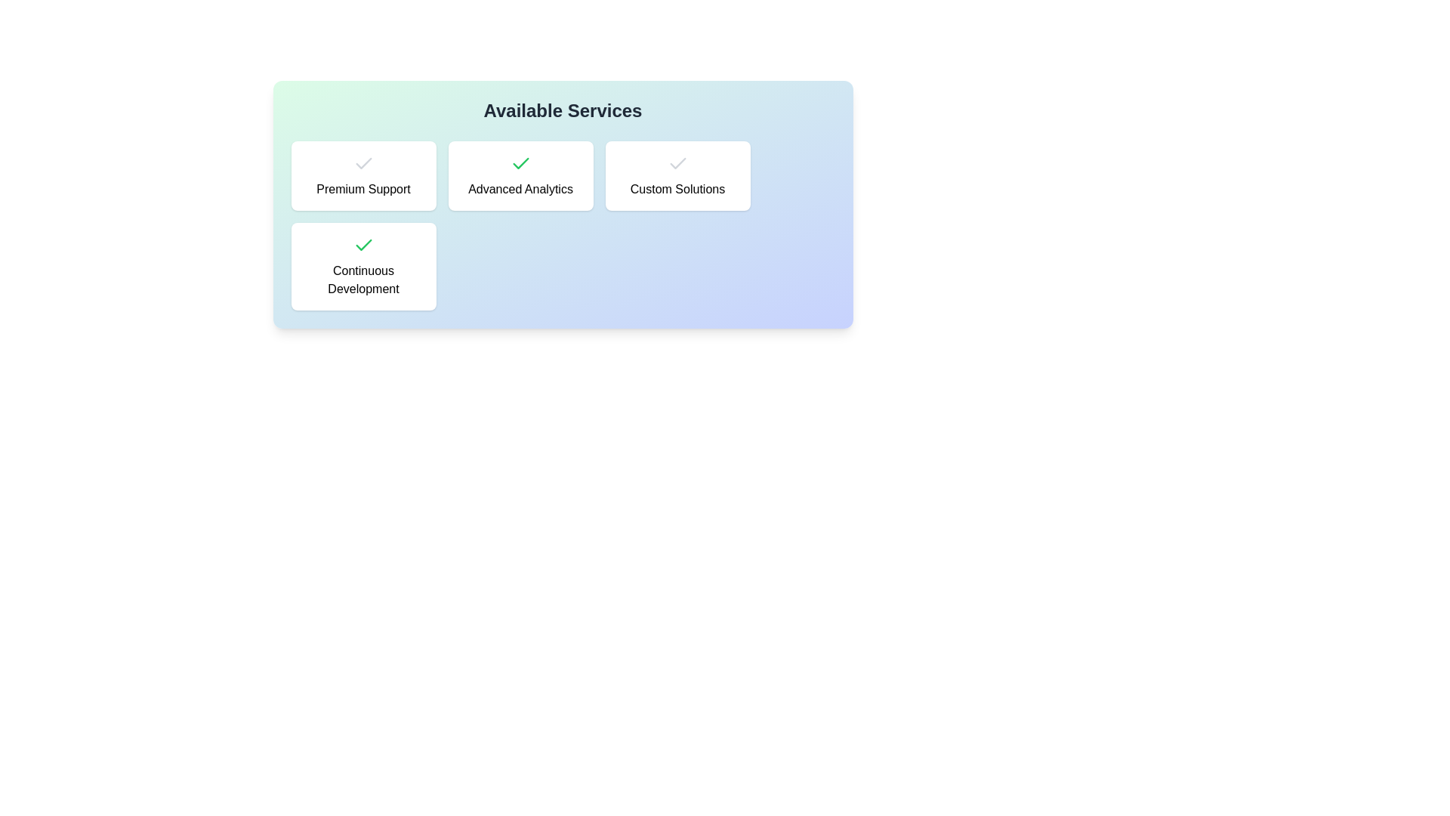  I want to click on the text label indicating 'Advanced Analytics' in the 'Available Services' section, so click(520, 188).